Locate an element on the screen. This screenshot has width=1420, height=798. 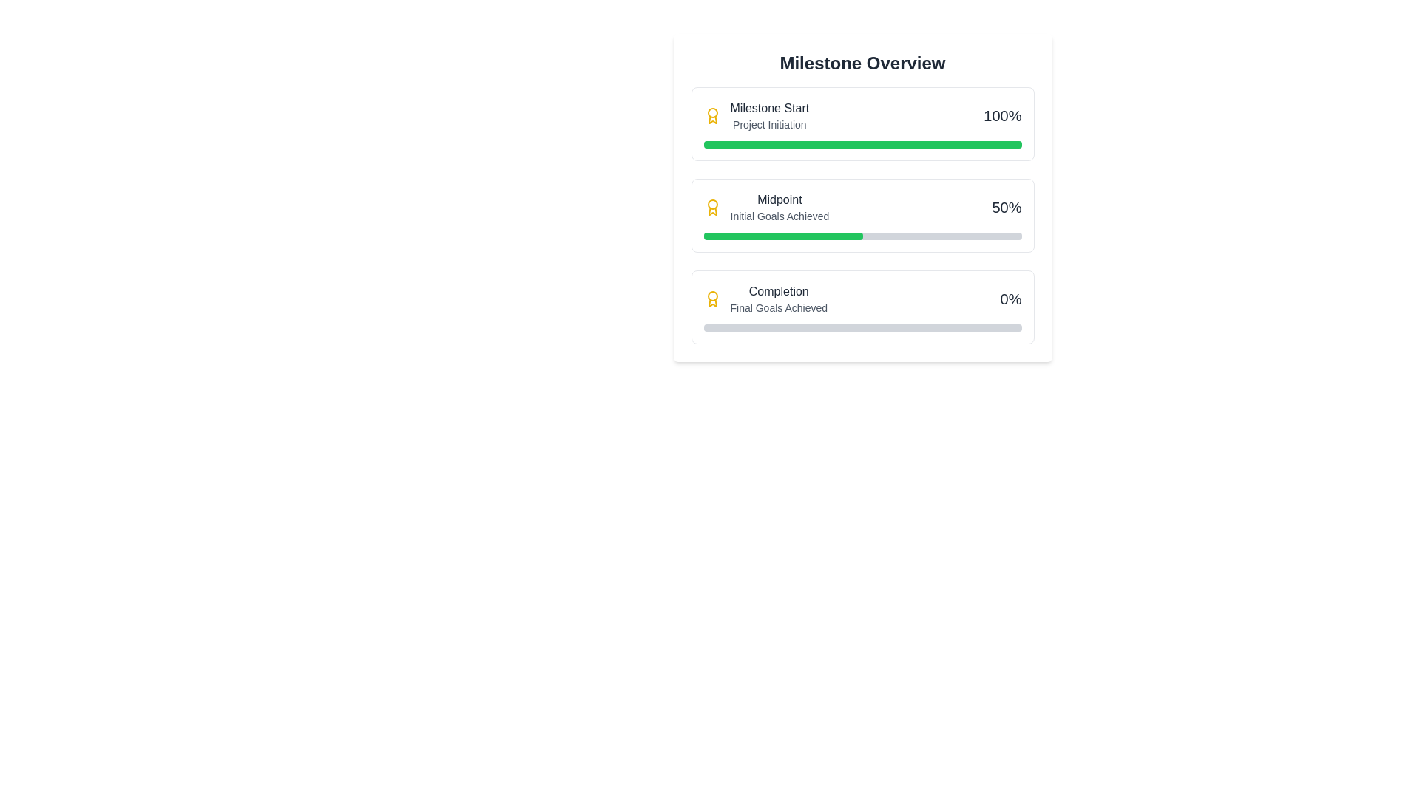
text displayed in the 'Completion' text label, which shows 'Completion' in bold dark gray and 'Final Goals Achieved' in lighter gray beneath it is located at coordinates (778, 299).